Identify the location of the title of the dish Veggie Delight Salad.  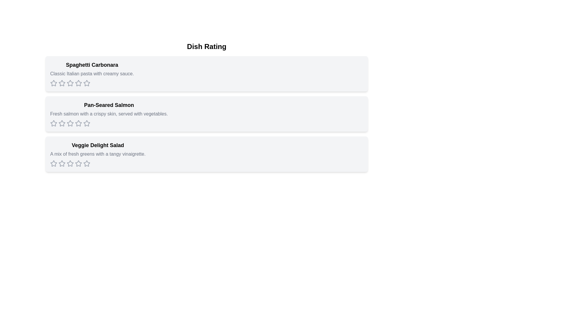
(98, 145).